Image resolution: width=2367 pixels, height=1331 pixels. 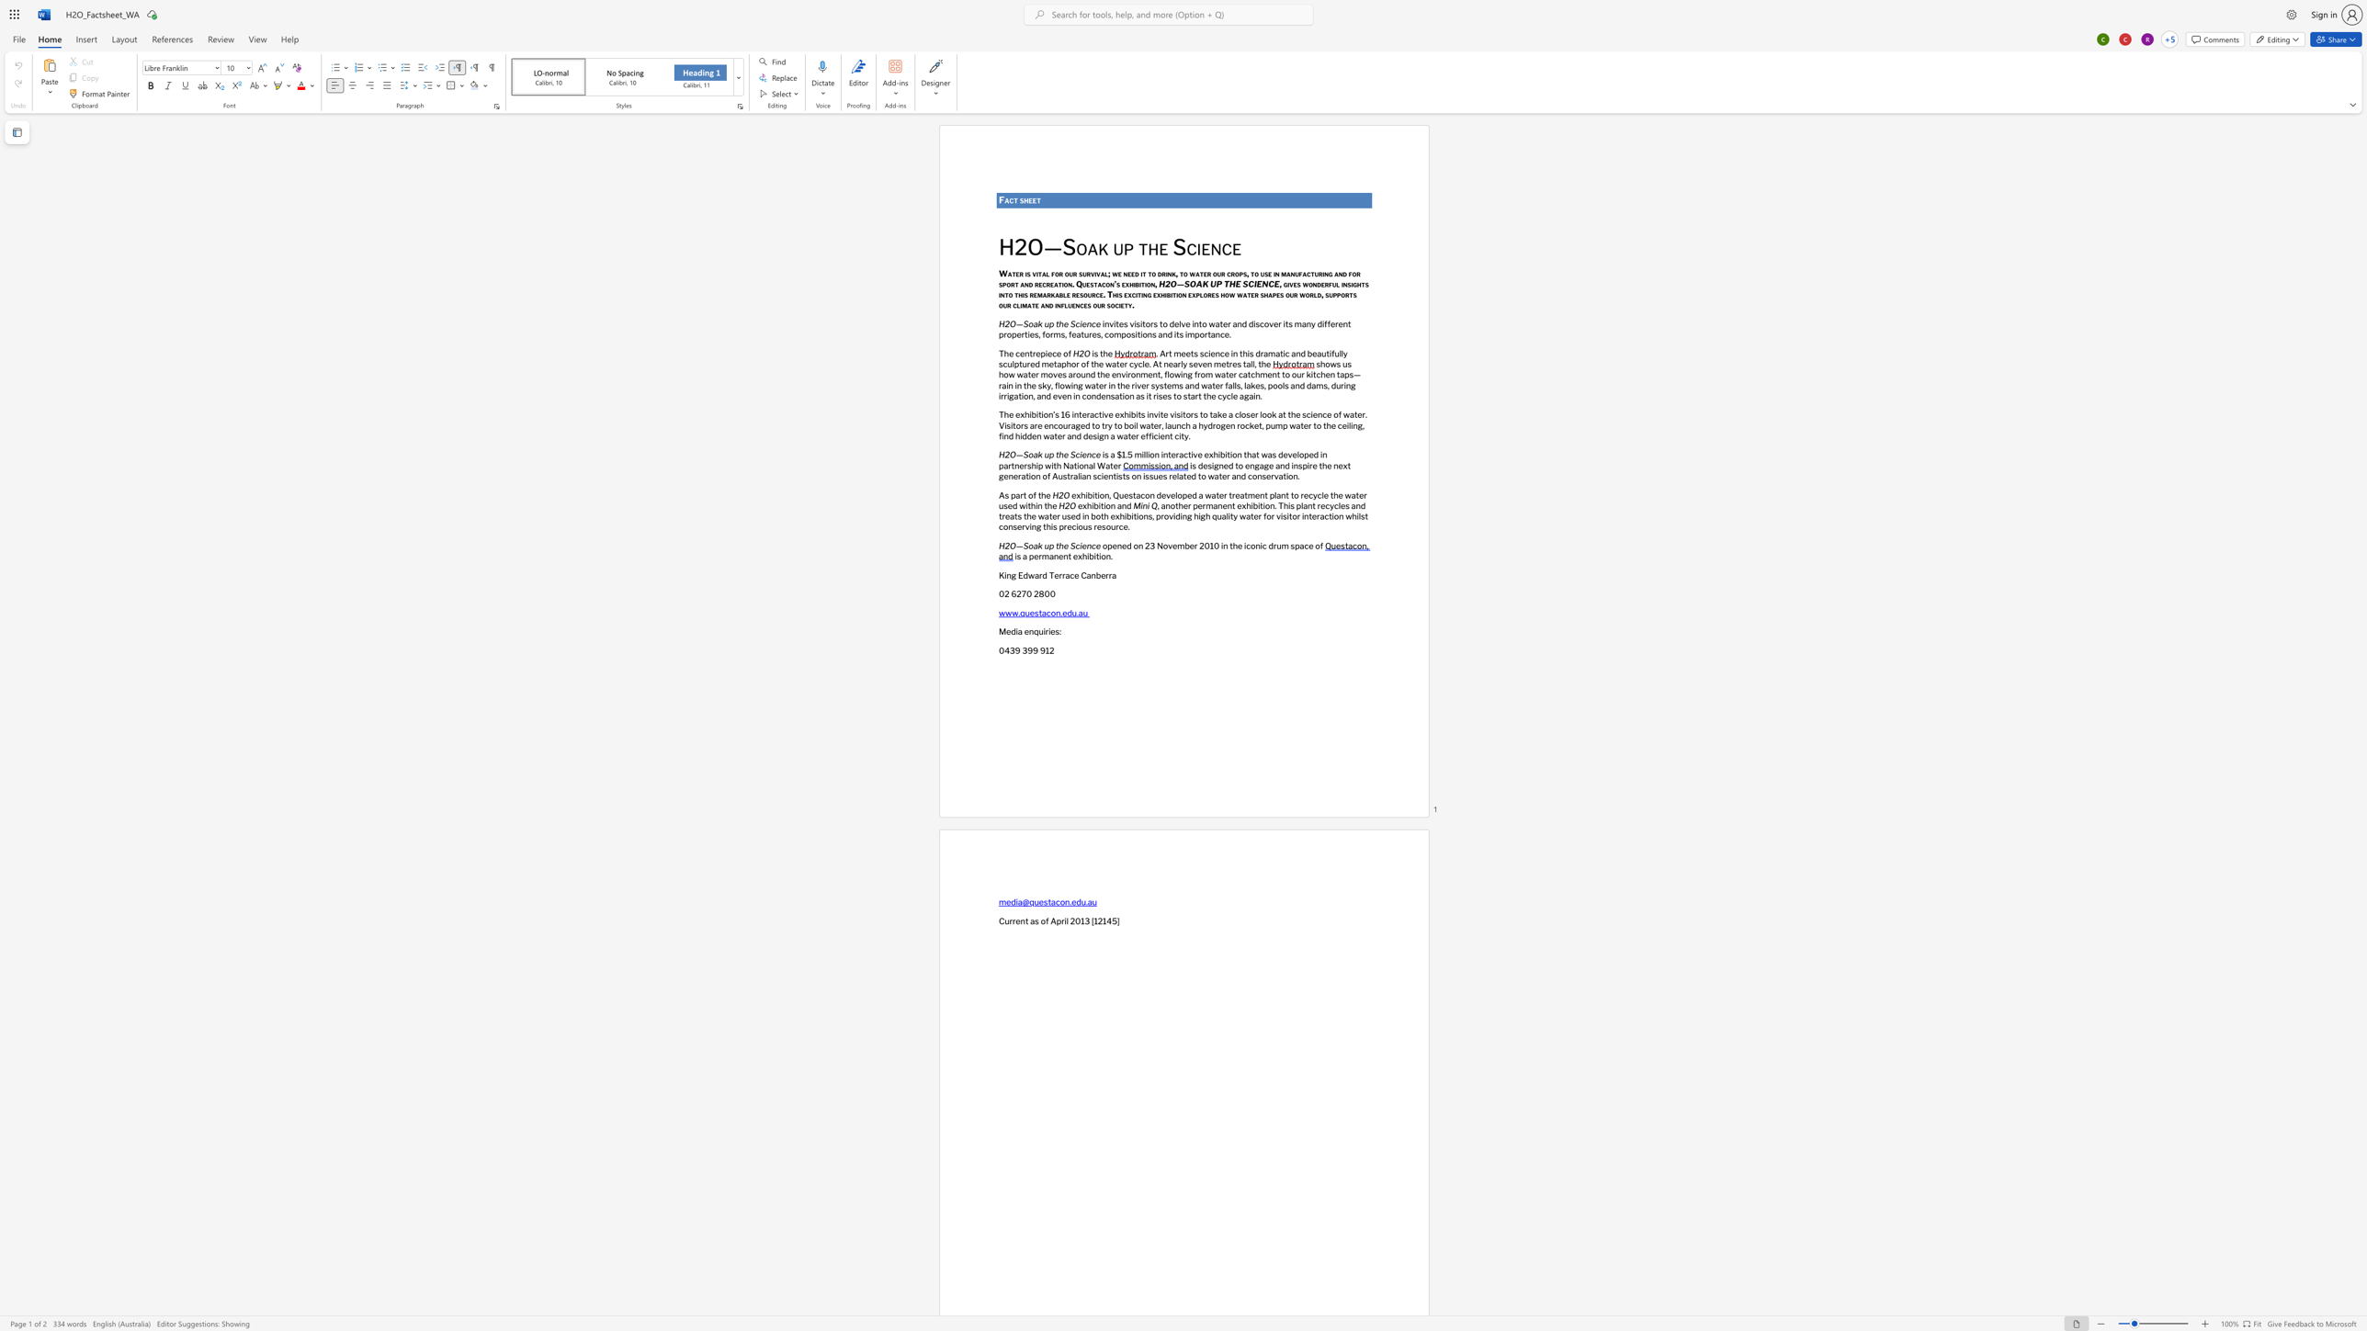 I want to click on the 2th character "t" in the text, so click(x=1208, y=334).